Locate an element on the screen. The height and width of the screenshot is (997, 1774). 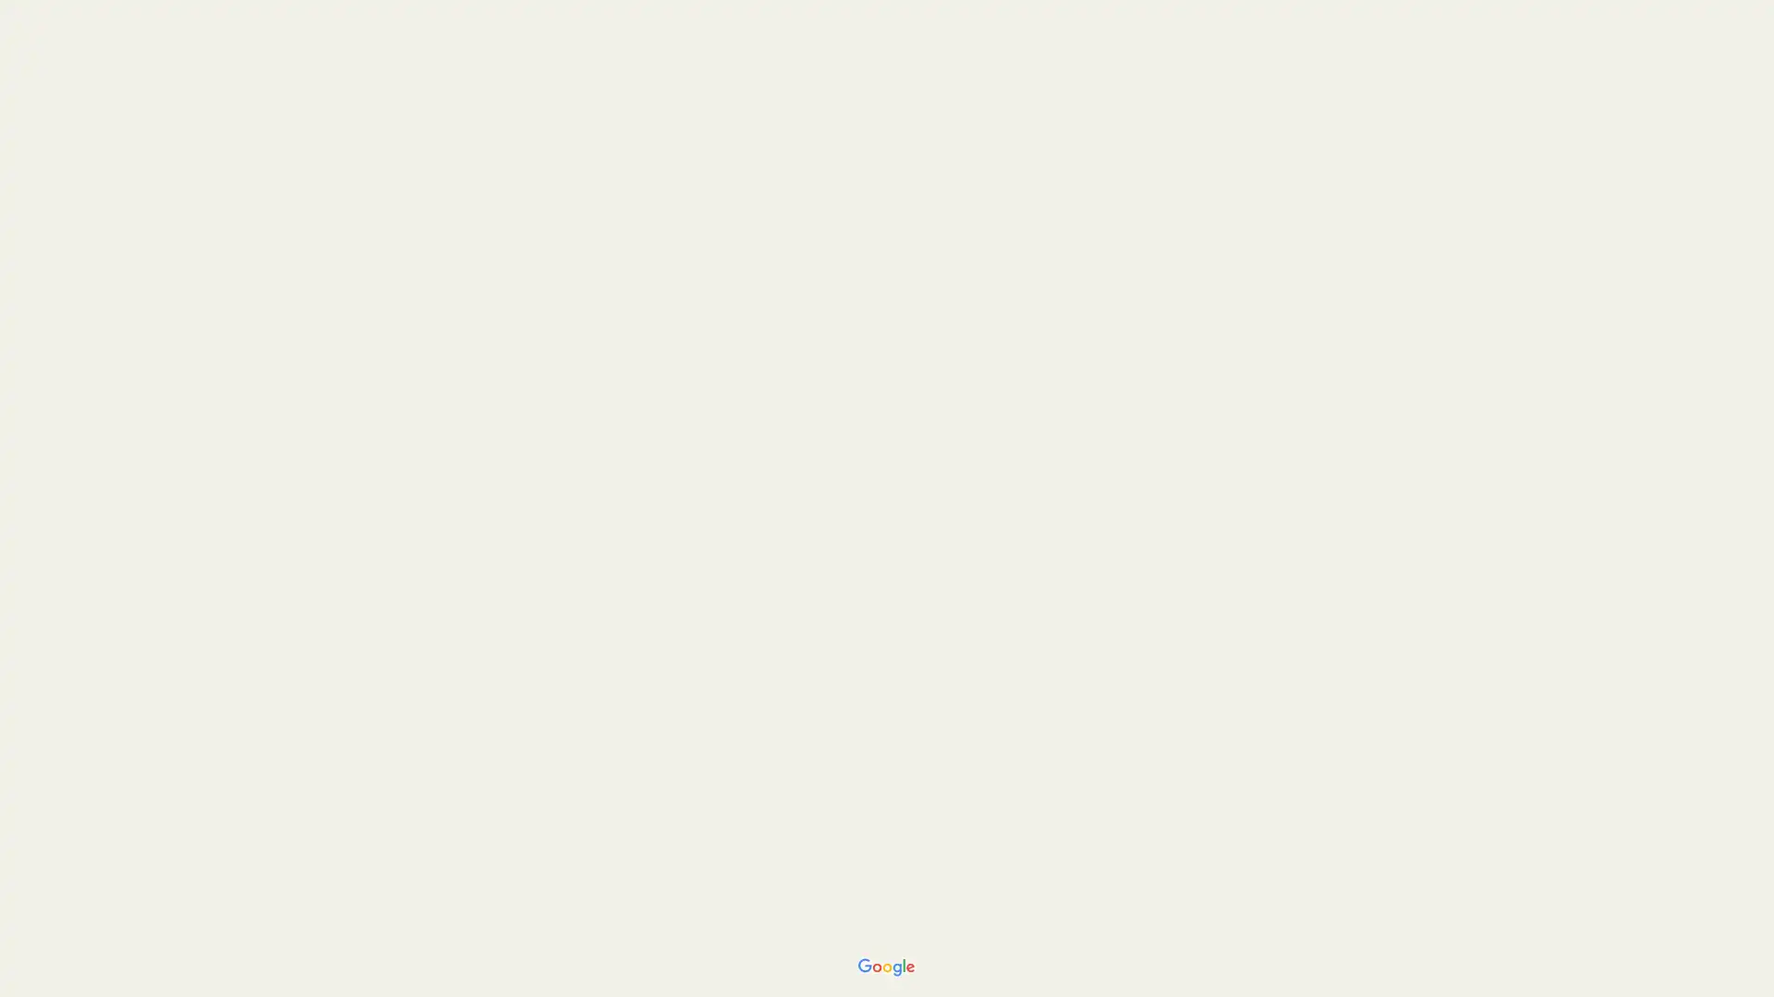
Share Grunberger Str. 65 is located at coordinates (322, 370).